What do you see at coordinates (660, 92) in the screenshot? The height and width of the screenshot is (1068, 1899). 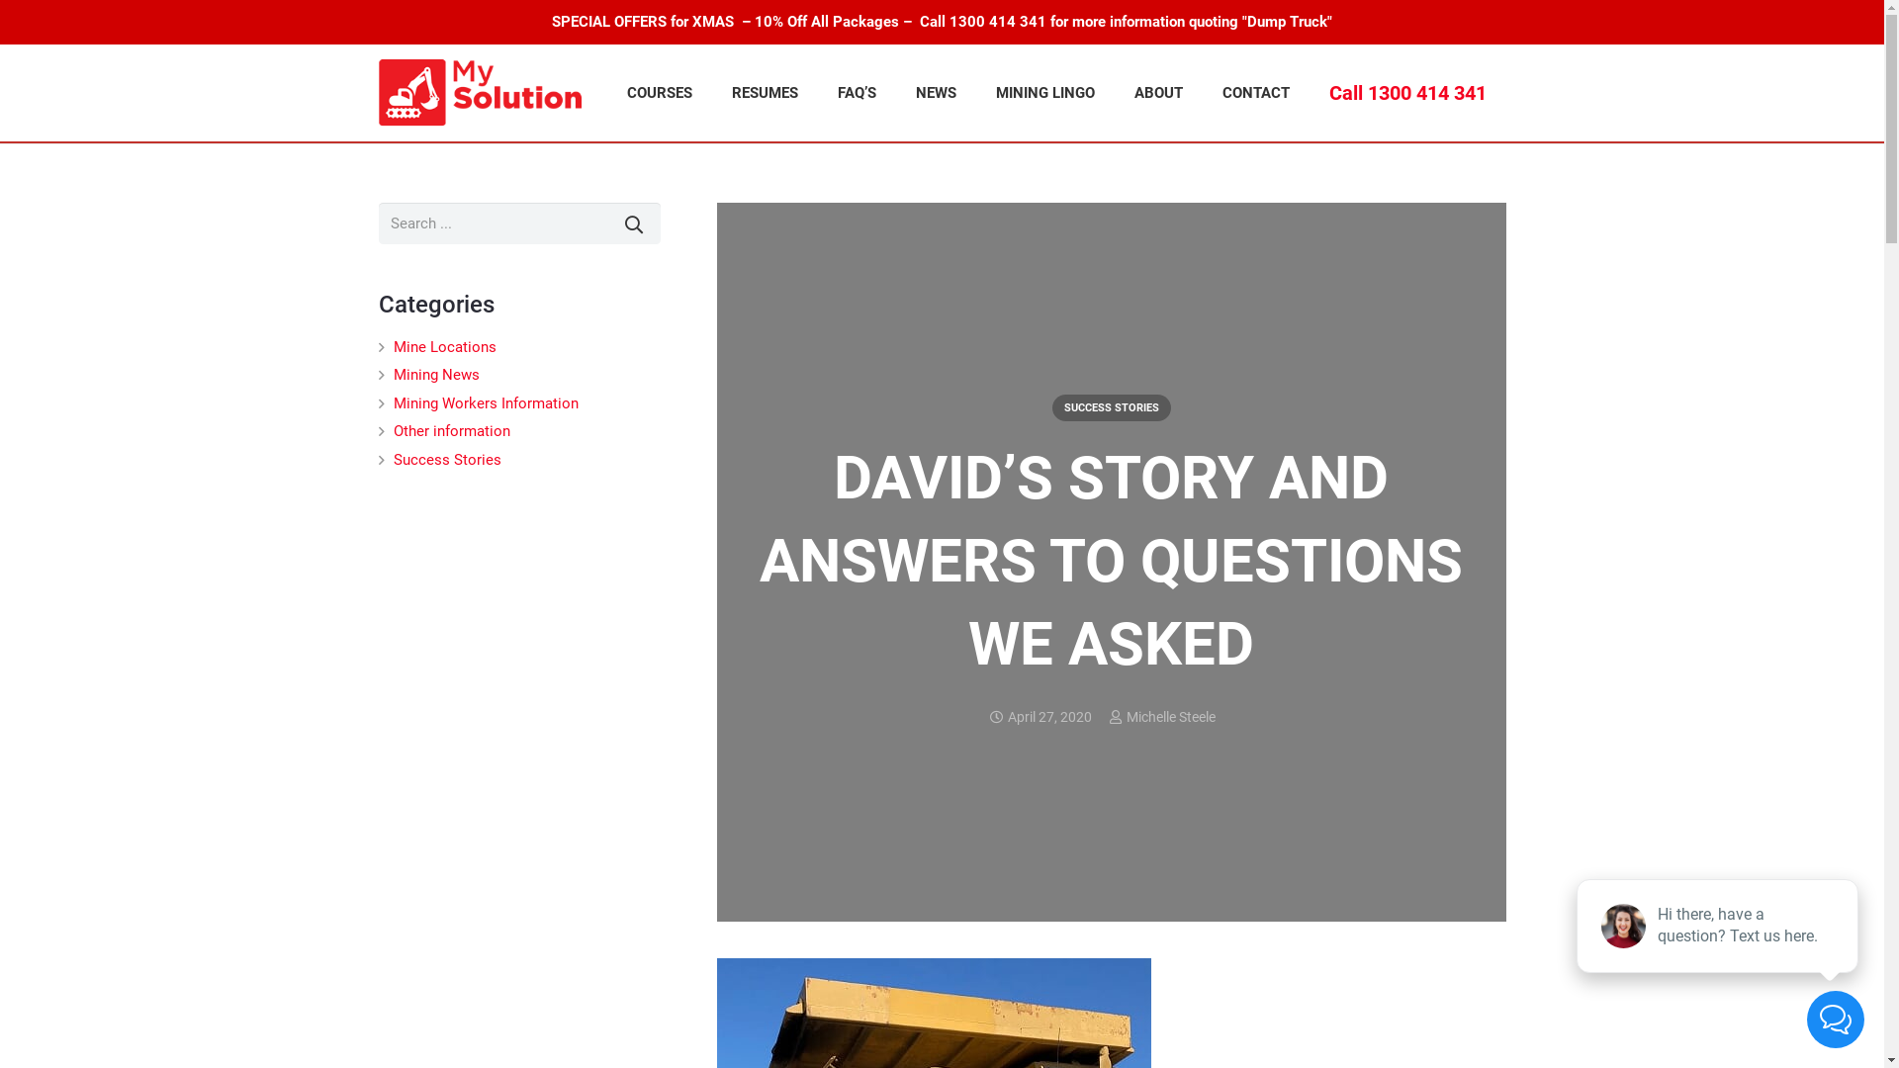 I see `'COURSES'` at bounding box center [660, 92].